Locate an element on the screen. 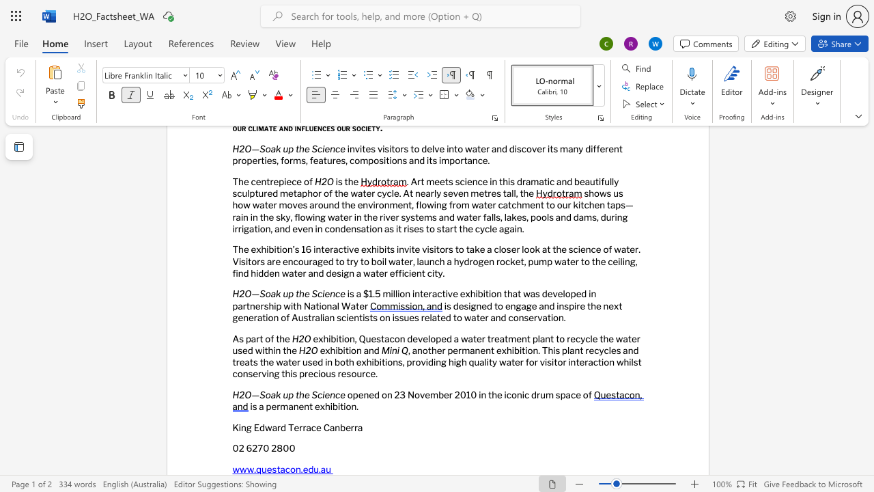 Image resolution: width=874 pixels, height=492 pixels. the 1th character "t" in the text is located at coordinates (277, 468).